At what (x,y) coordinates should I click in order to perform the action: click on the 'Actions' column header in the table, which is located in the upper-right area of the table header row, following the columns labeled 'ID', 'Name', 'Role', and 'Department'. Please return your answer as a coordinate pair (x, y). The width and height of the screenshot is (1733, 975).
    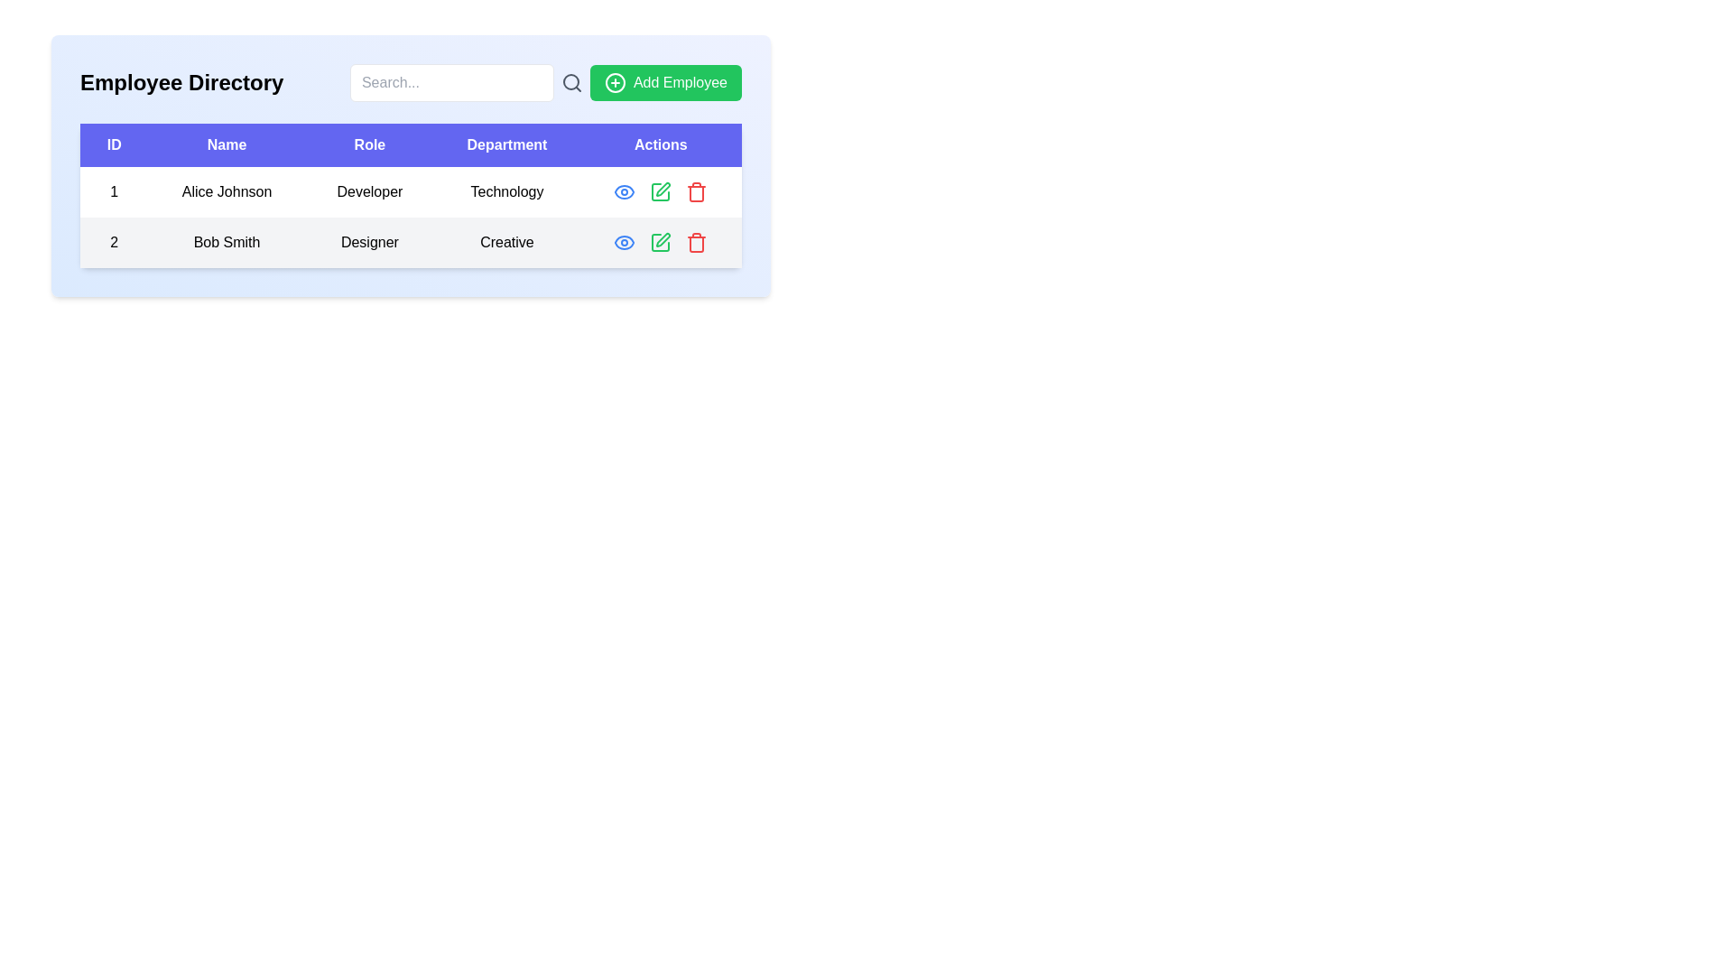
    Looking at the image, I should click on (660, 144).